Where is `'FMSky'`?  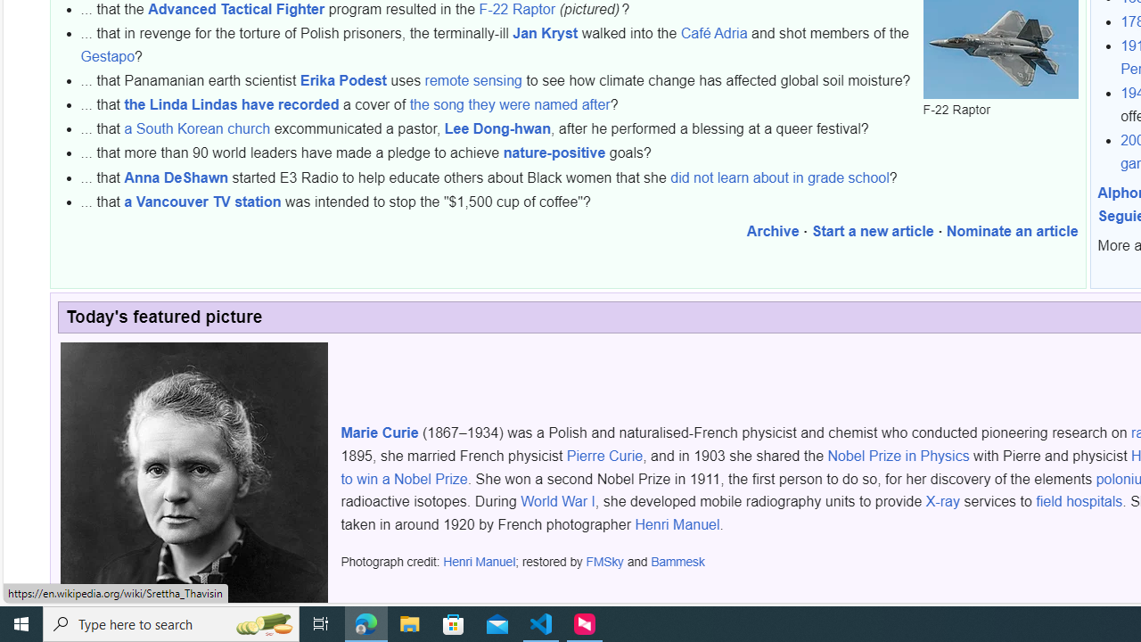 'FMSky' is located at coordinates (604, 563).